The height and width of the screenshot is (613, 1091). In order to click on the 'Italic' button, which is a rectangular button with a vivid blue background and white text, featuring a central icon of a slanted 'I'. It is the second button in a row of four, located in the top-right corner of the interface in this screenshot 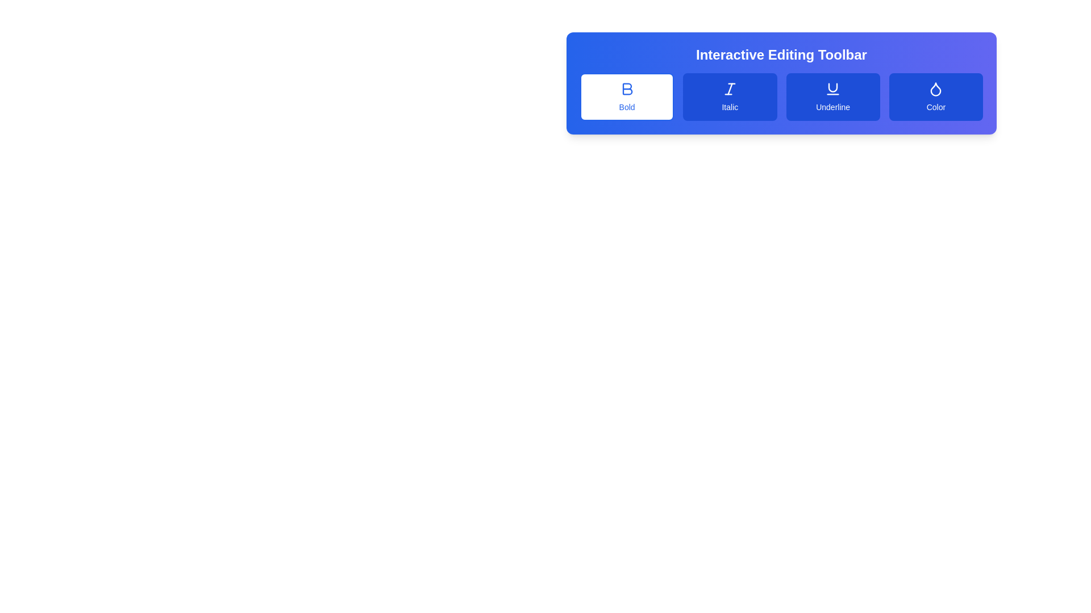, I will do `click(730, 96)`.